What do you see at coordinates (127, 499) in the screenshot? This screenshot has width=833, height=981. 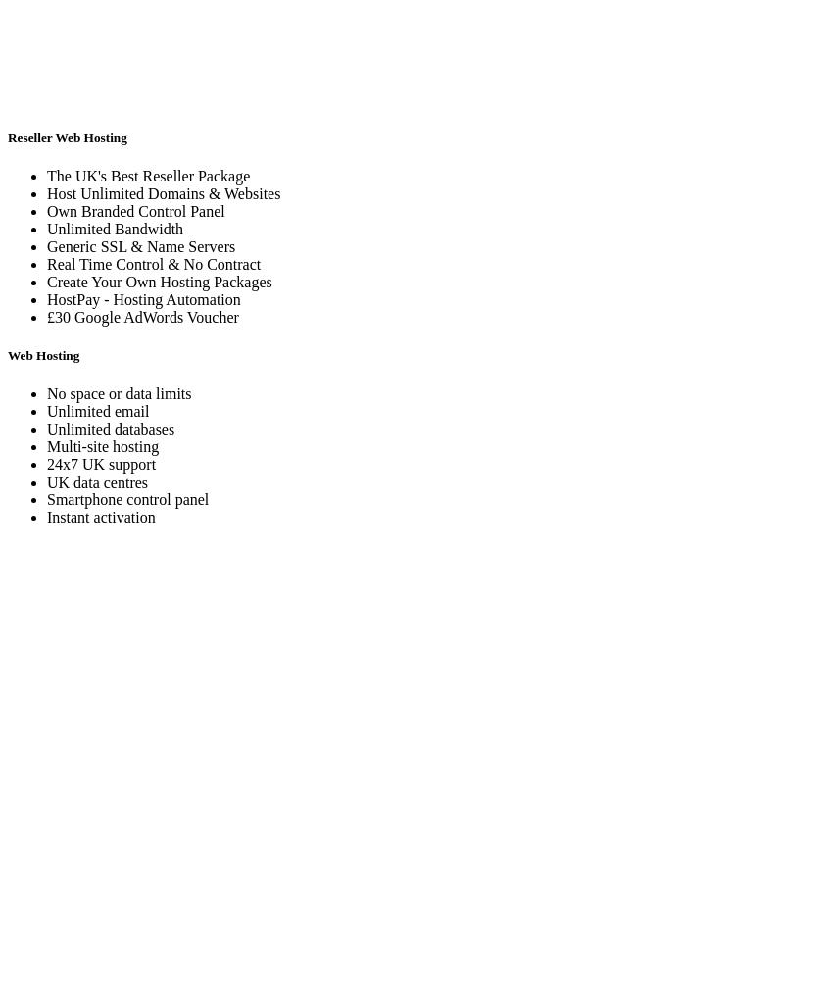 I see `'Smartphone control panel'` at bounding box center [127, 499].